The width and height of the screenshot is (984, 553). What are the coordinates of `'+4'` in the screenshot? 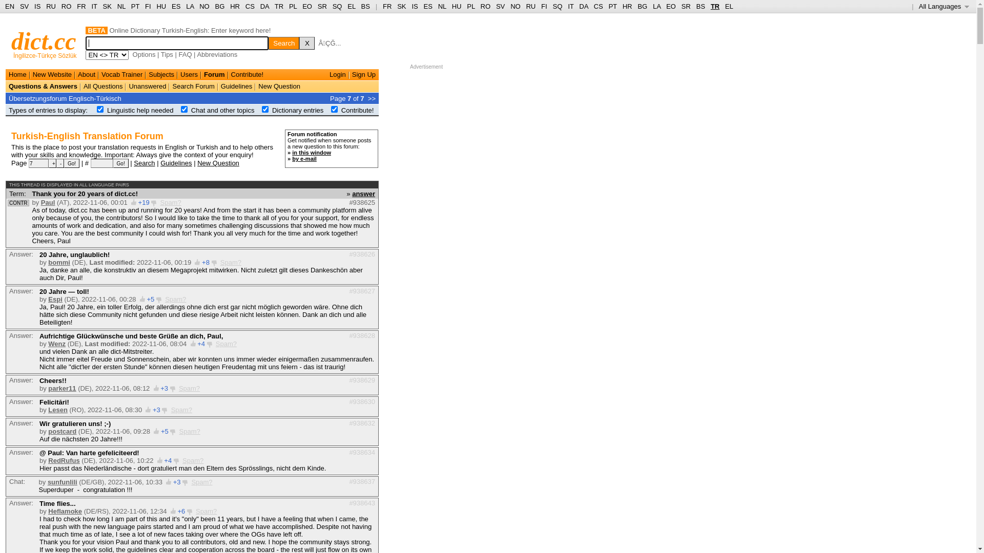 It's located at (197, 344).